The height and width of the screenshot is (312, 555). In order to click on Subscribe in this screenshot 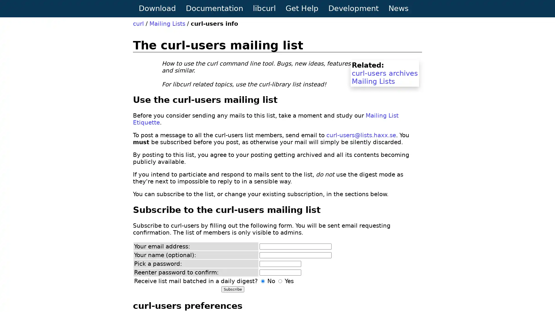, I will do `click(233, 289)`.